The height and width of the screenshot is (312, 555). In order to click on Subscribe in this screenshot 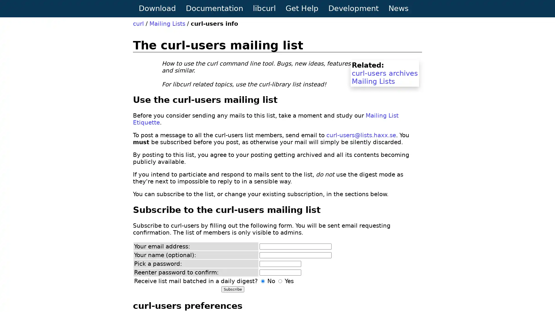, I will do `click(233, 289)`.